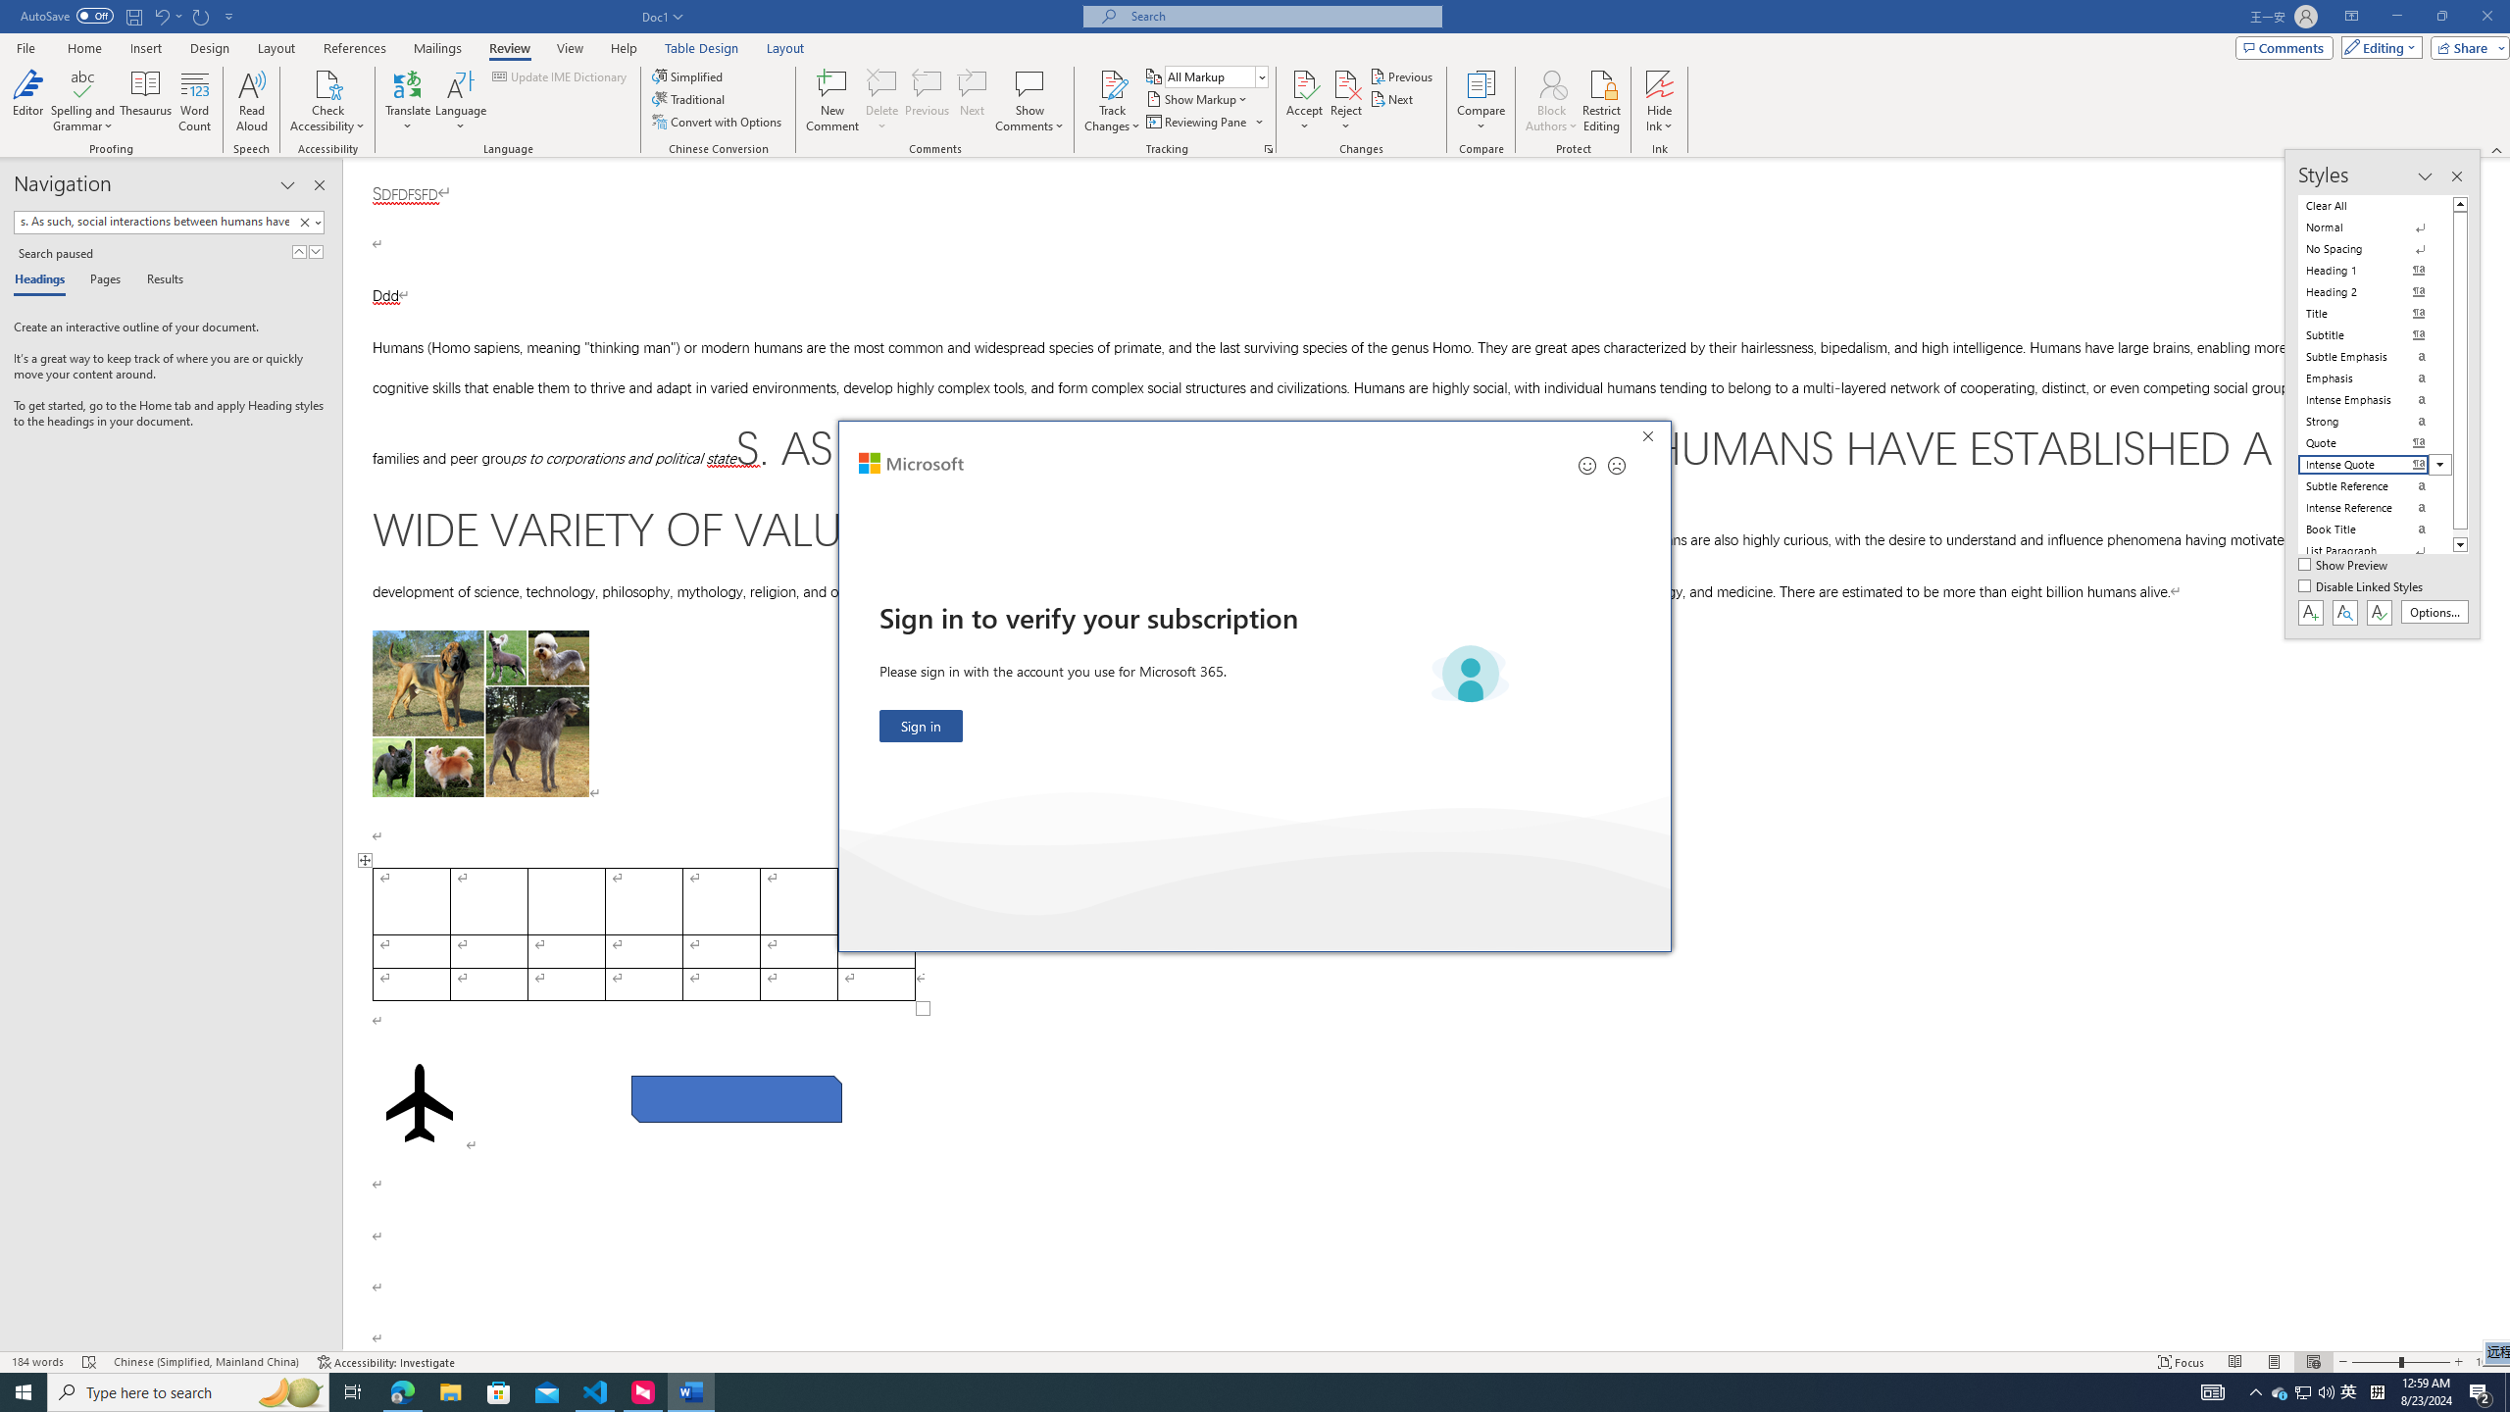  What do you see at coordinates (1602, 101) in the screenshot?
I see `'Restrict Editing'` at bounding box center [1602, 101].